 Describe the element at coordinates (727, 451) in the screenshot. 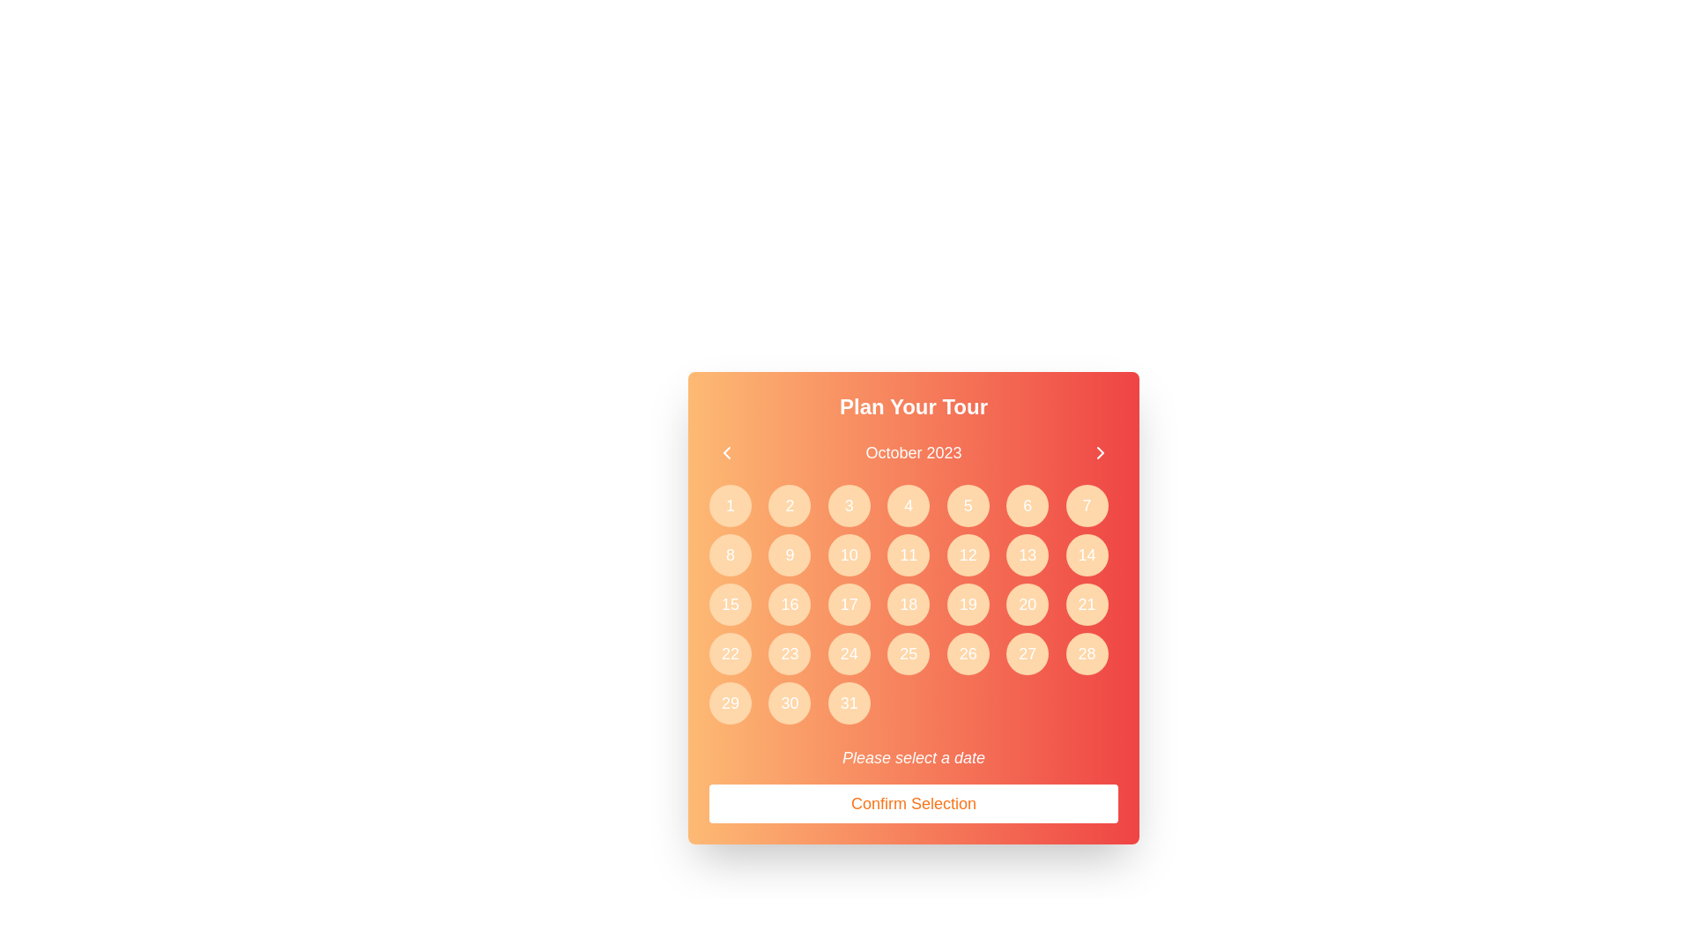

I see `the button on the left side of the header section of the calendar interface` at that location.